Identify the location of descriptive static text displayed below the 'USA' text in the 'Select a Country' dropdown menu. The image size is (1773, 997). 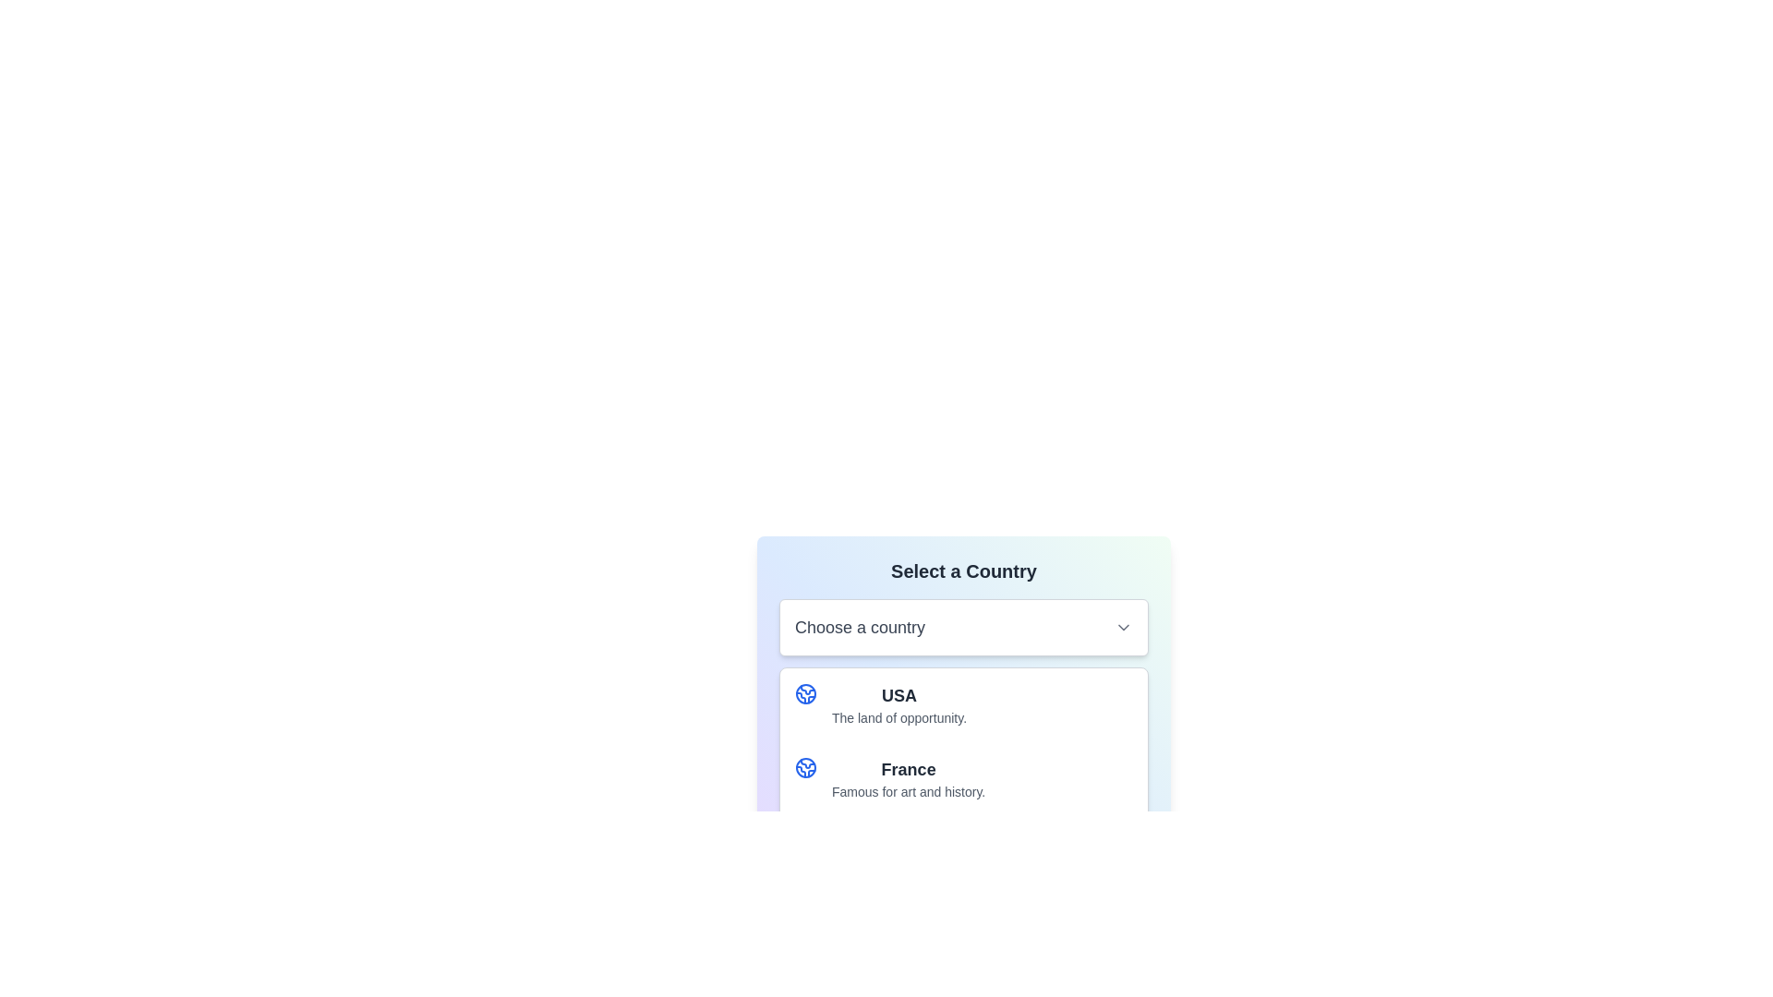
(899, 717).